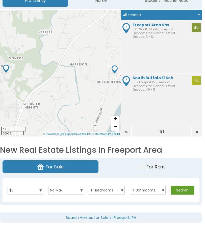  I want to click on '625 South Pike Rd, Freeport', so click(153, 29).